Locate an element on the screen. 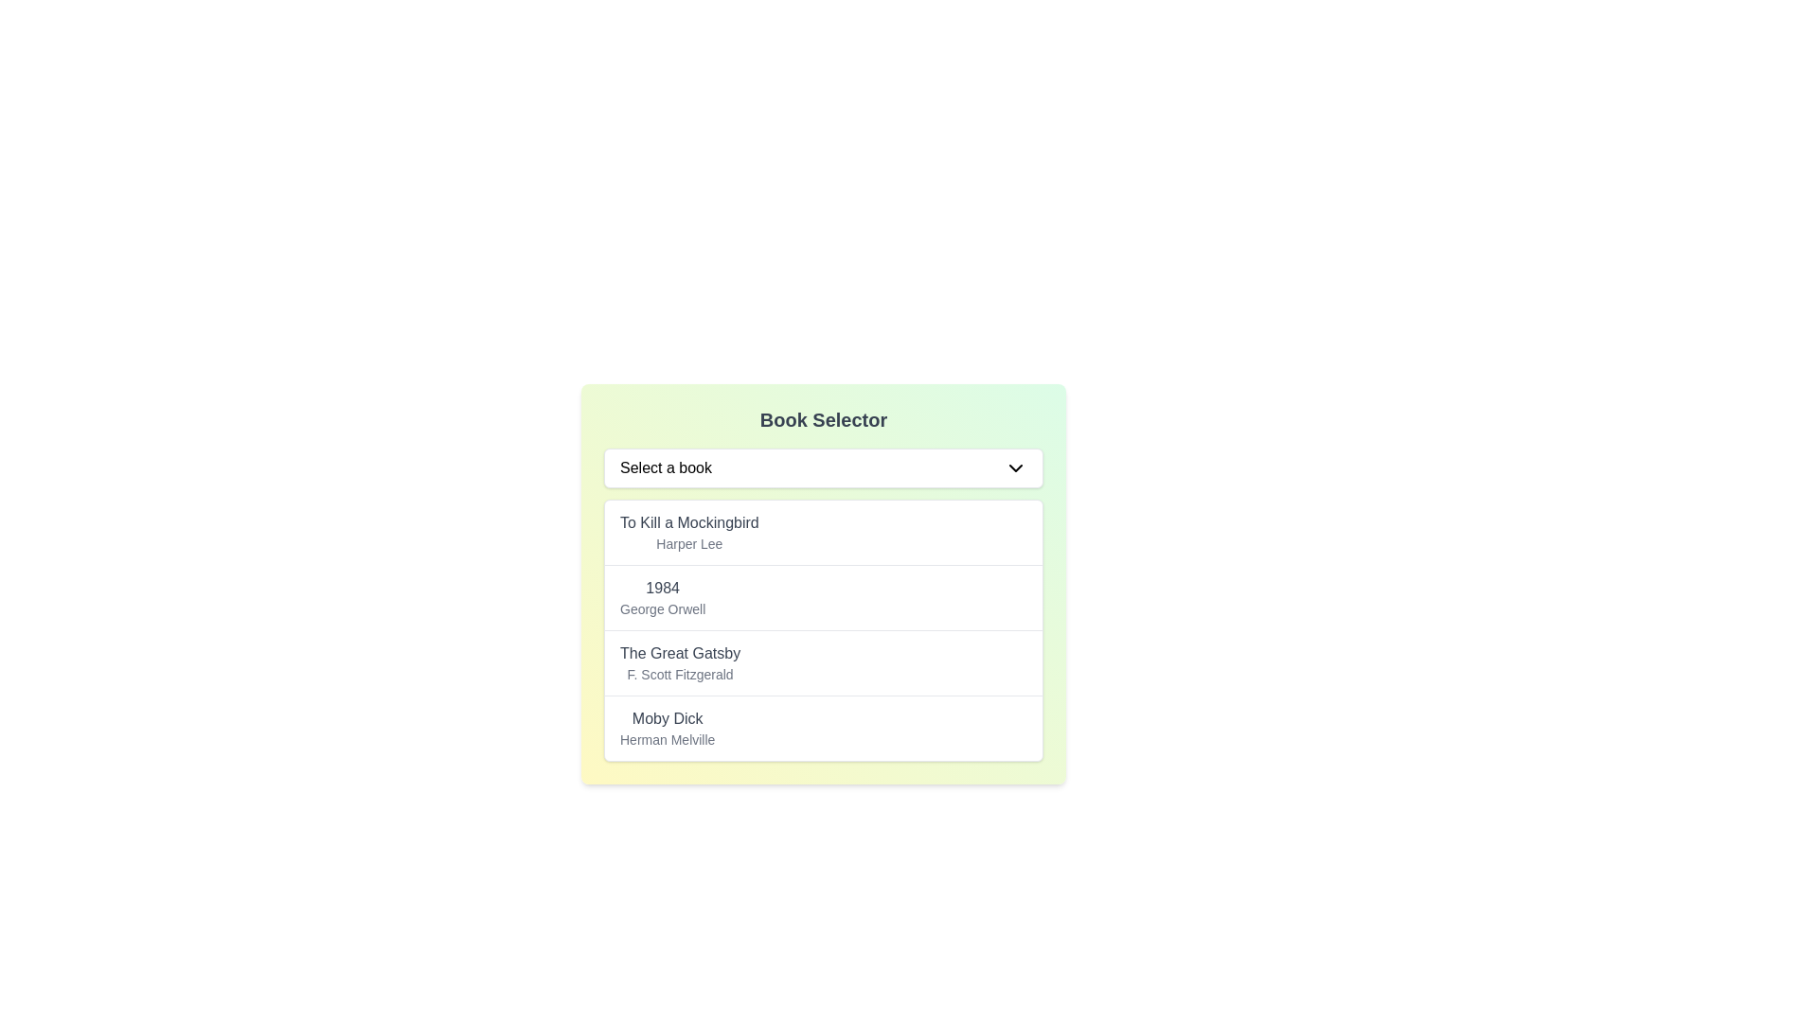 This screenshot has width=1818, height=1022. the text label displaying '1984' in bold and dark gray color, which is located within the second selectable item in the 'Book Selector' list is located at coordinates (663, 587).